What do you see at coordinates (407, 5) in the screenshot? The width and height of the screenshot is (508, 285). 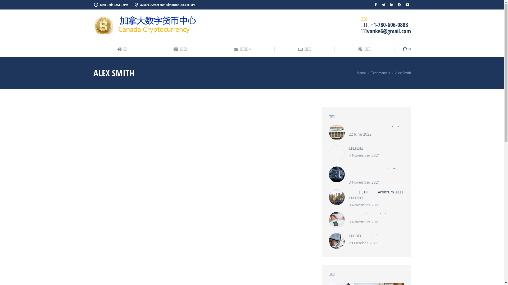 I see `'YouTube page opens in new window'` at bounding box center [407, 5].